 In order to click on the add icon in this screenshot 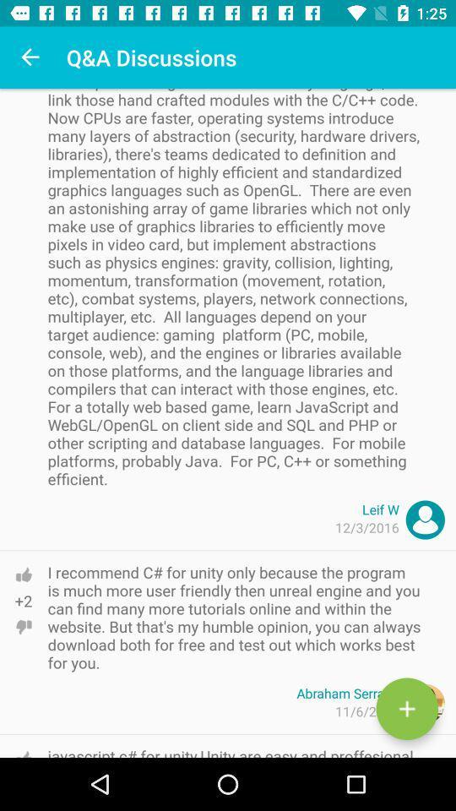, I will do `click(406, 709)`.